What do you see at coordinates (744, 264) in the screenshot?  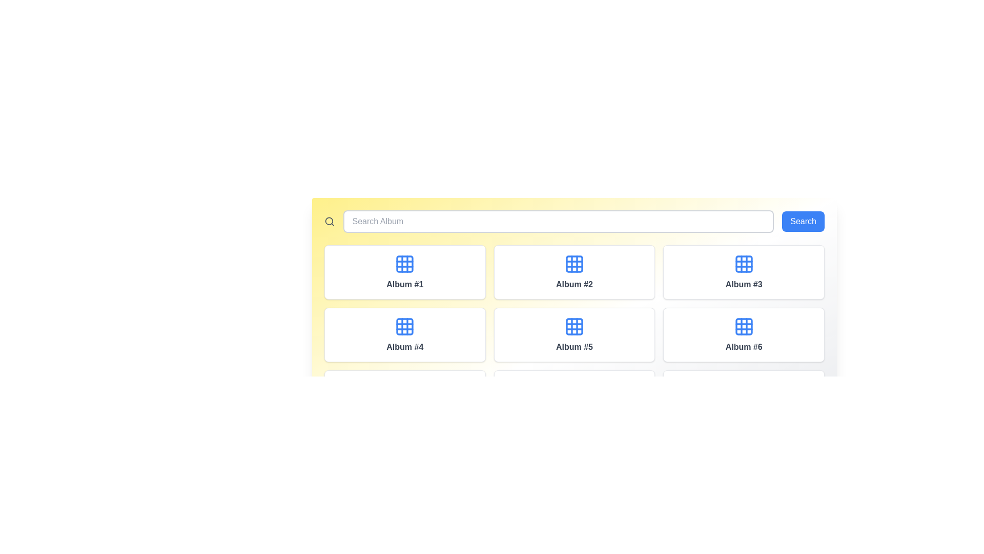 I see `the decorative component of the 3x3 grid icon located at the center of the 'Album #3' button` at bounding box center [744, 264].